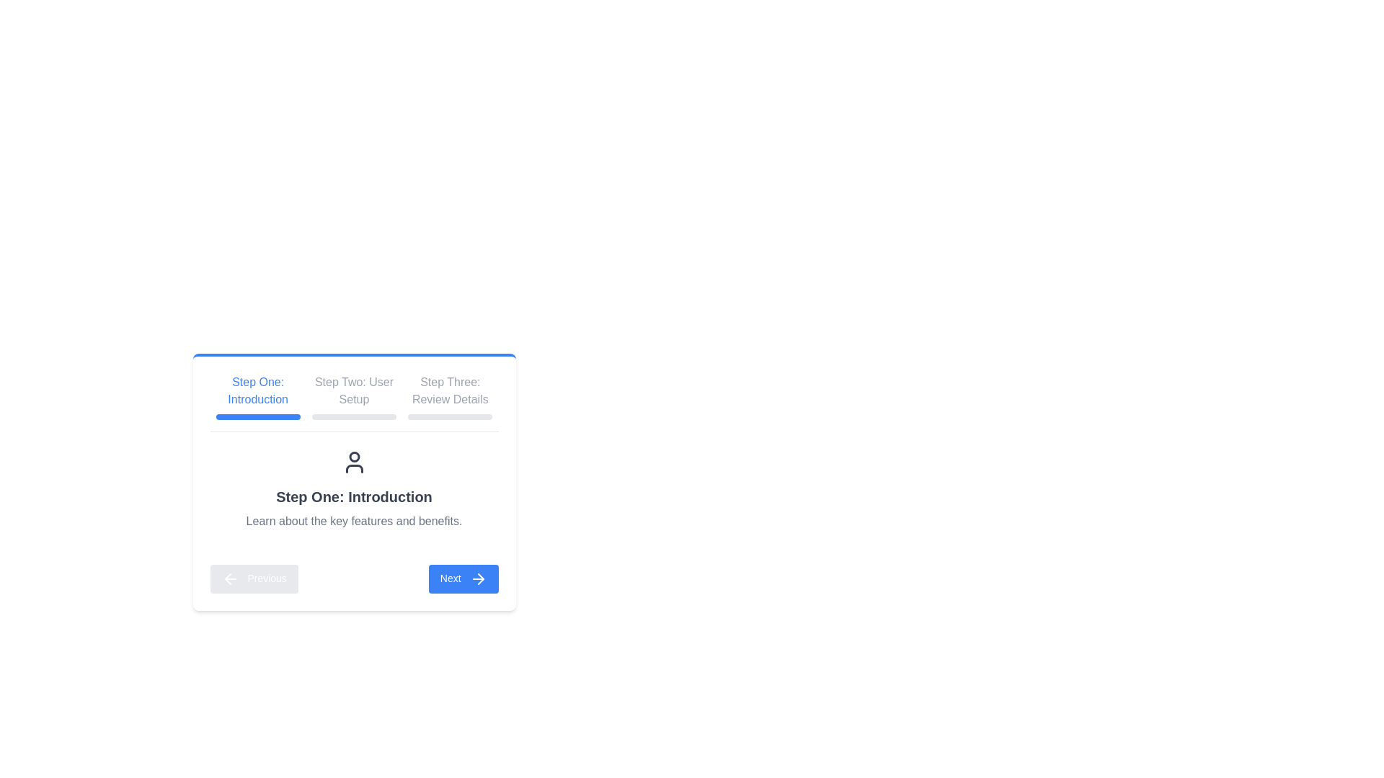  What do you see at coordinates (258, 416) in the screenshot?
I see `the Progress bar indicating 'Step One: Introduction', which is located beneath the corresponding step title in the upper-left quadrant of the interface` at bounding box center [258, 416].